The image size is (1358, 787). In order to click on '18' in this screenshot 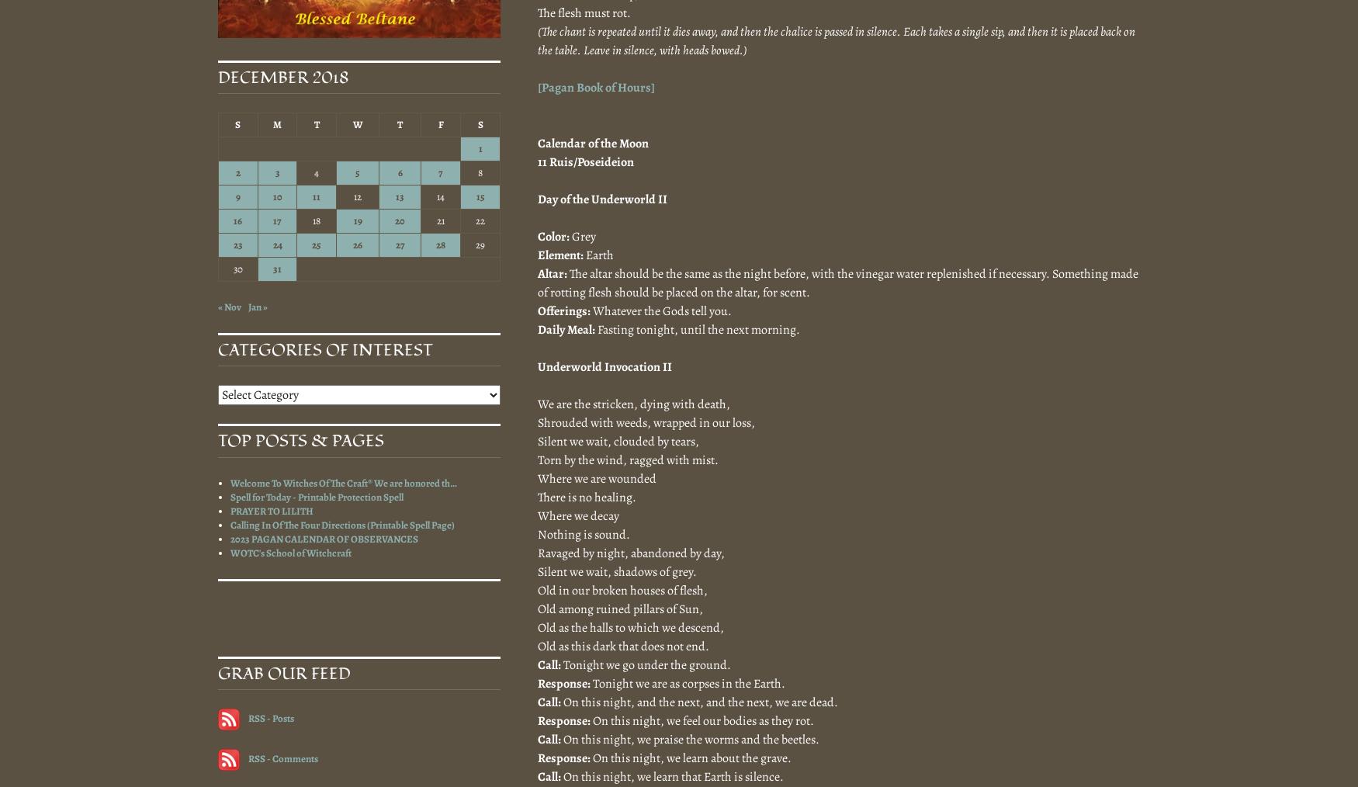, I will do `click(315, 220)`.